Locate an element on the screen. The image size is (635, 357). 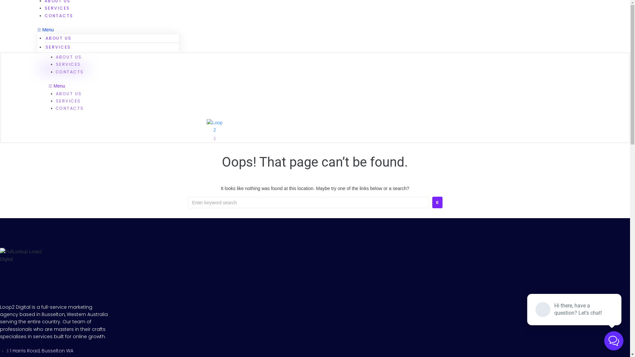
'CONTACTS' is located at coordinates (44, 54).